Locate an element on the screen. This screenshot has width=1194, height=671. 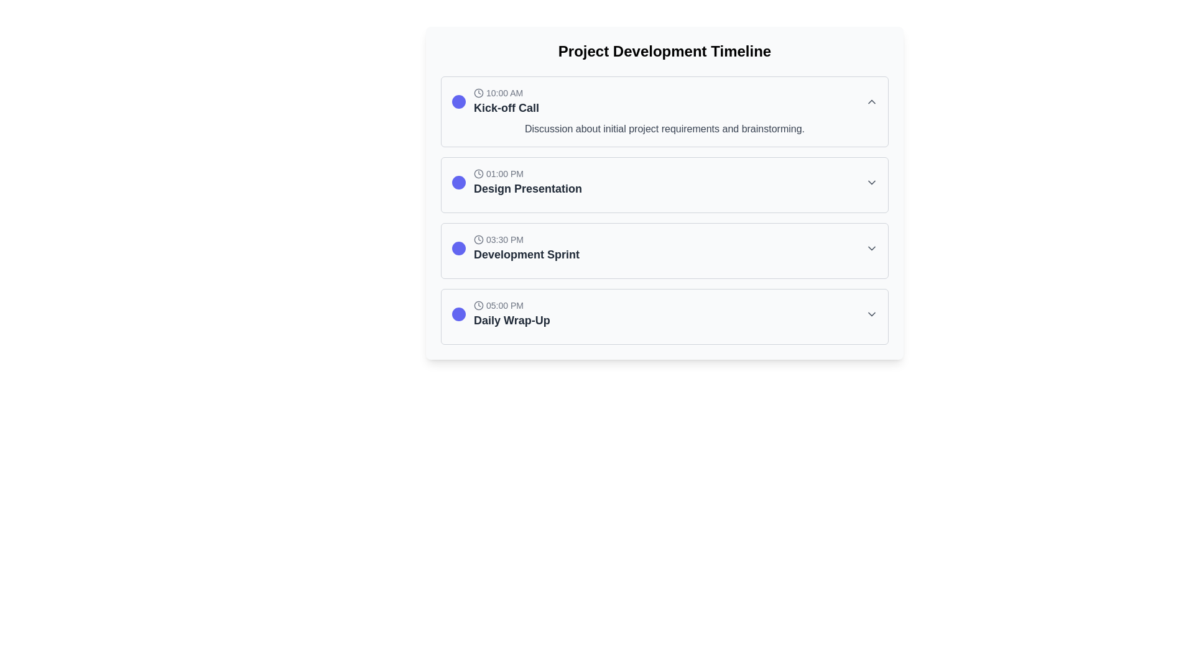
the first scheduled event in the 'Project Development Timeline' section, which includes a clock icon, time label '10:00 AM', a purple circular icon, and a bold label 'Kick-off Call' is located at coordinates (494, 101).